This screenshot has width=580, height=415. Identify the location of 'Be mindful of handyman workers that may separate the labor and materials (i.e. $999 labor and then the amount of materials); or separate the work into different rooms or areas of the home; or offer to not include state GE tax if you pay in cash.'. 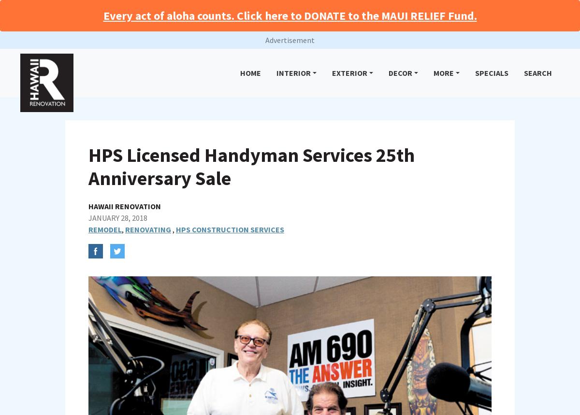
(88, 26).